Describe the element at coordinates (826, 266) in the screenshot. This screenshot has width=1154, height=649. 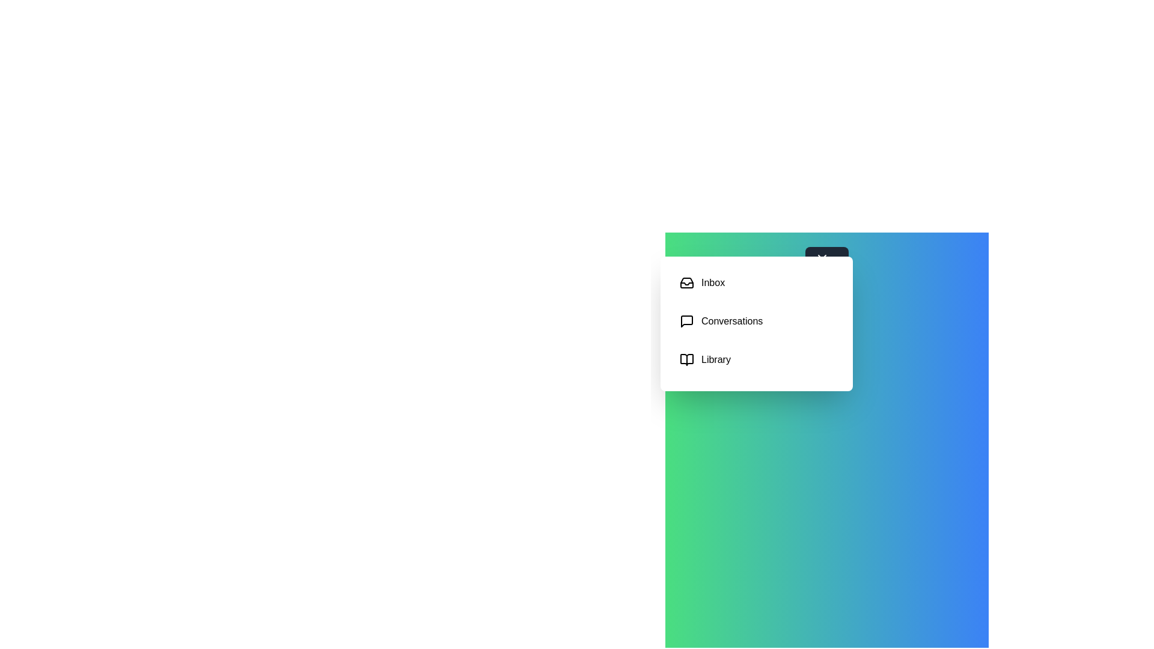
I see `button with the current icon to toggle the drawer visibility` at that location.